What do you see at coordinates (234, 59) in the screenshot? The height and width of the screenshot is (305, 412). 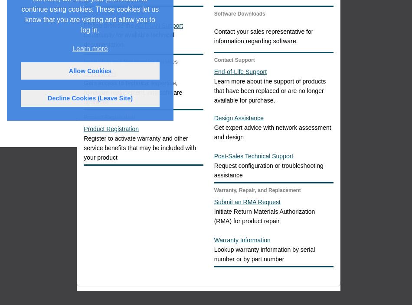 I see `'Contact Support'` at bounding box center [234, 59].